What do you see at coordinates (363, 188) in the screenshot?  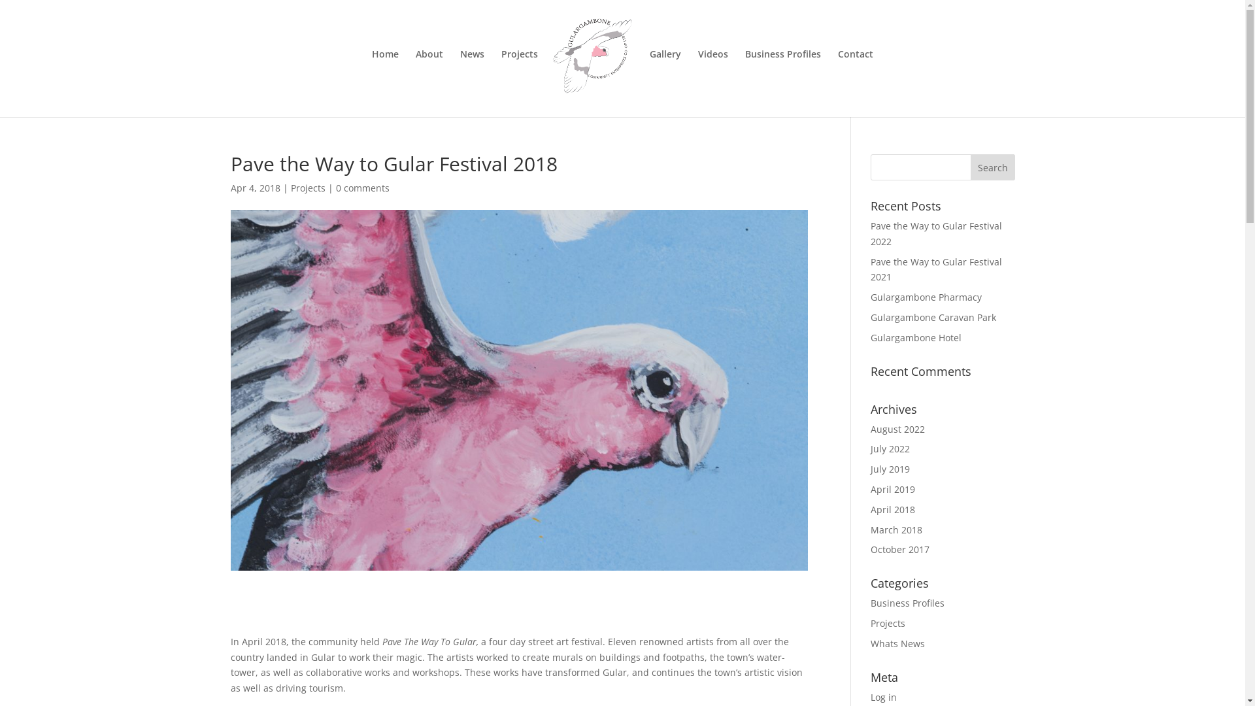 I see `'0 comments'` at bounding box center [363, 188].